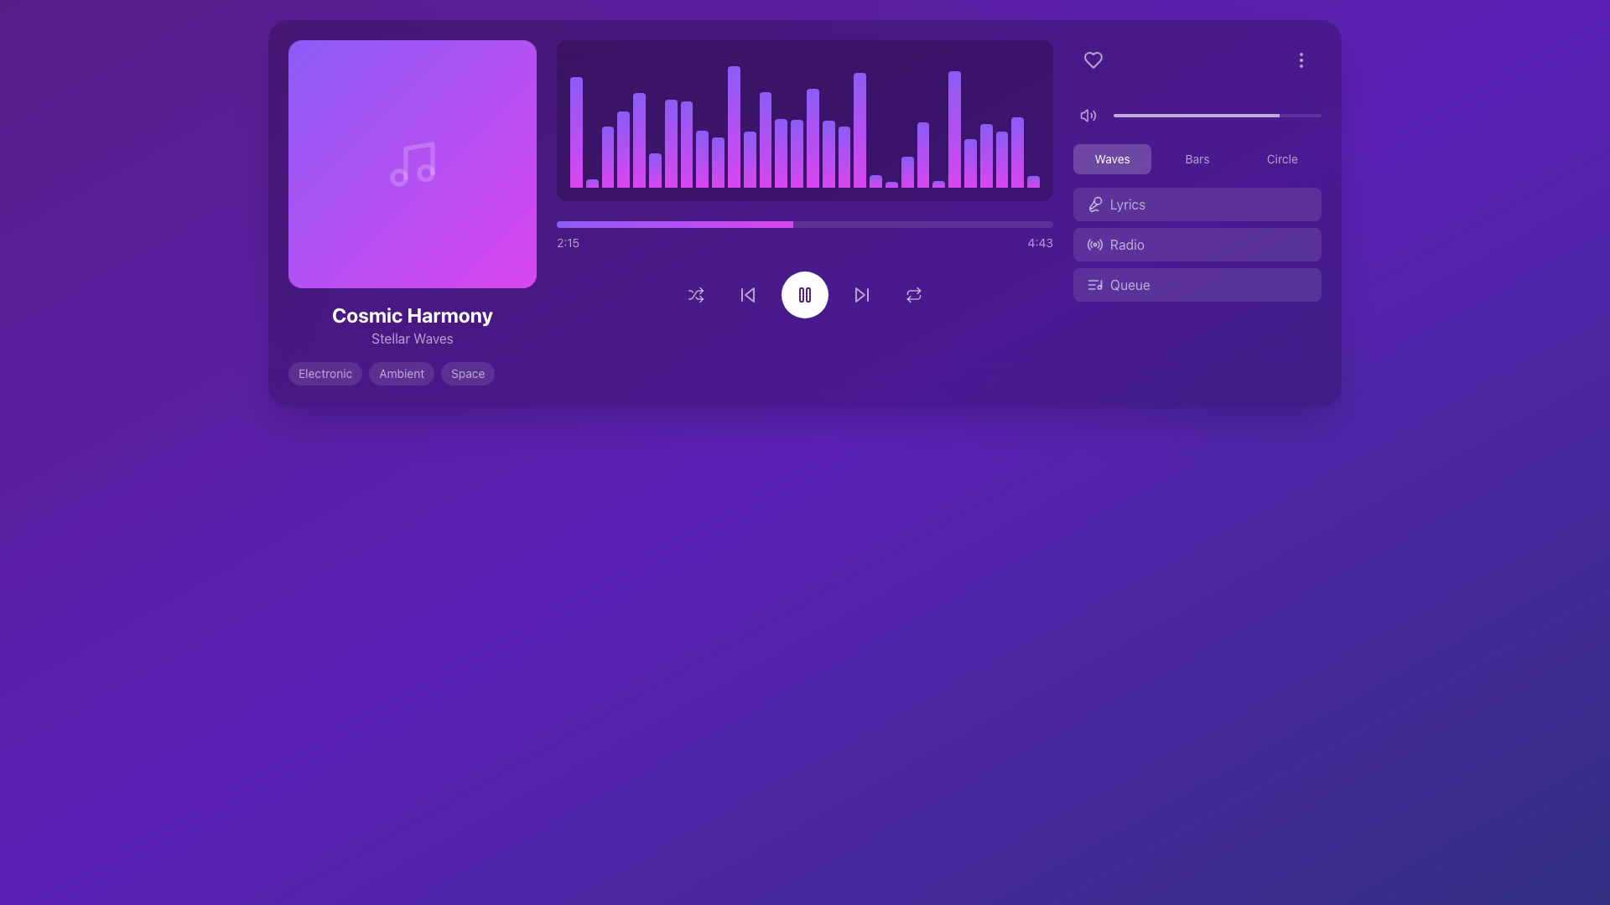  Describe the element at coordinates (800, 293) in the screenshot. I see `the left vertical rectangle of the pause icon, which is styled in white on a dark purple background, located at the center of the playback controls` at that location.